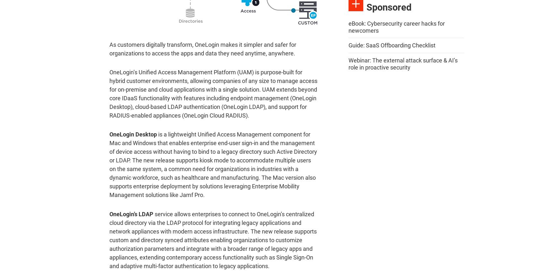  What do you see at coordinates (389, 6) in the screenshot?
I see `'Sponsored'` at bounding box center [389, 6].